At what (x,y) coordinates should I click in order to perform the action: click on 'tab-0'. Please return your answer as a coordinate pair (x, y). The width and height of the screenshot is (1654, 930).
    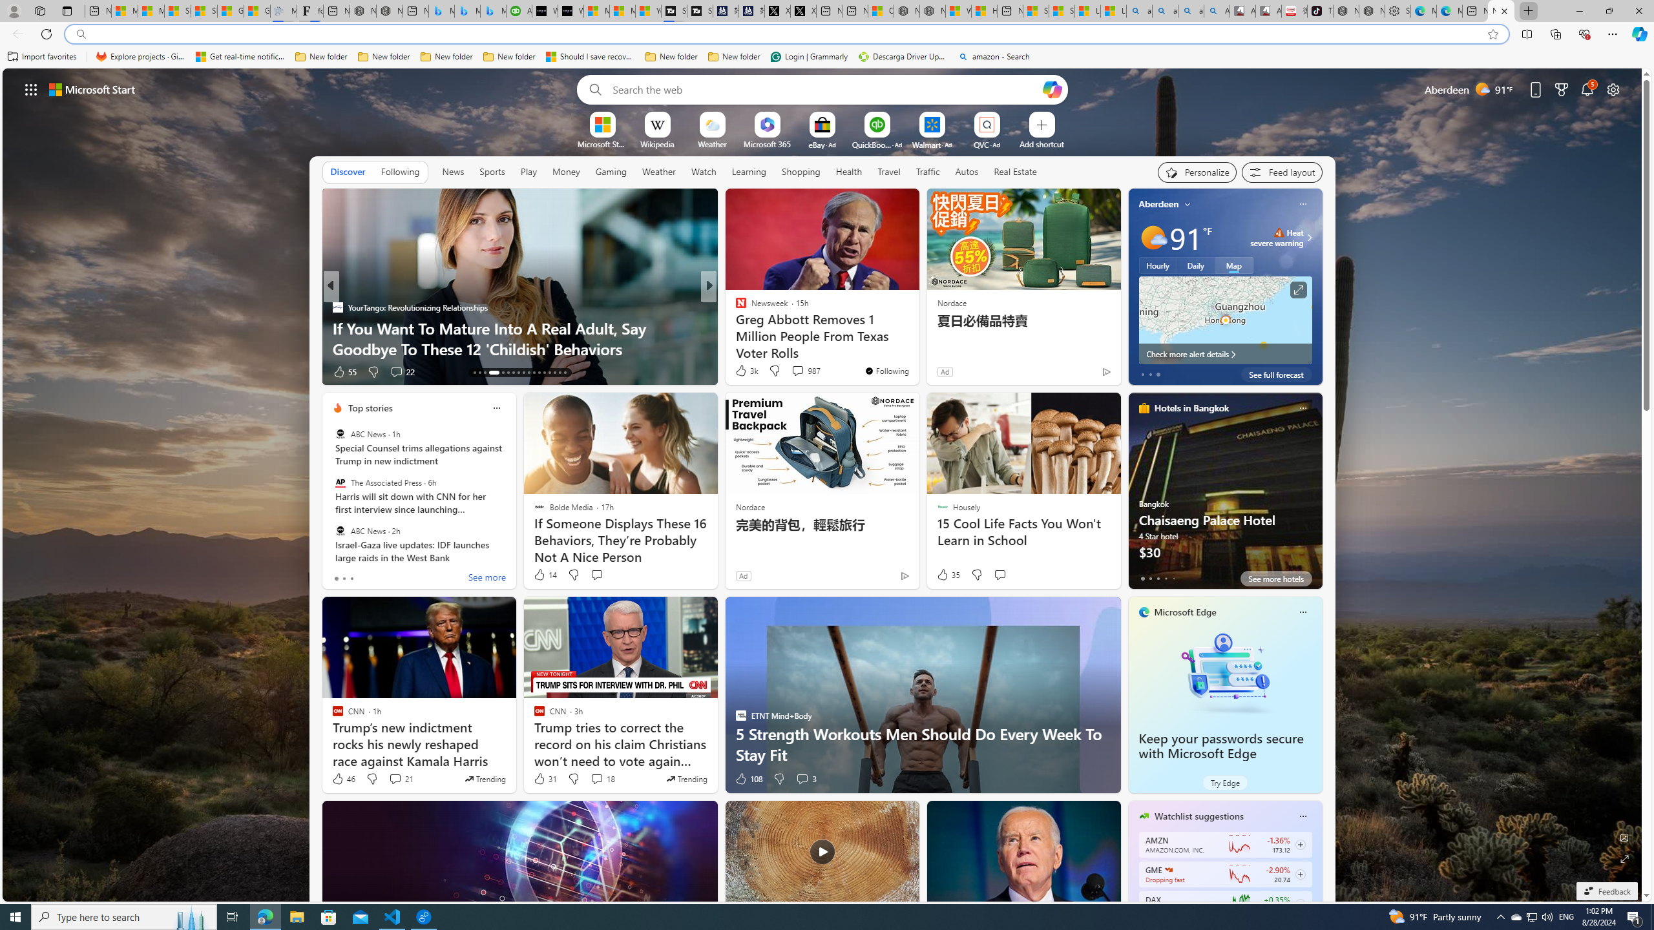
    Looking at the image, I should click on (1141, 578).